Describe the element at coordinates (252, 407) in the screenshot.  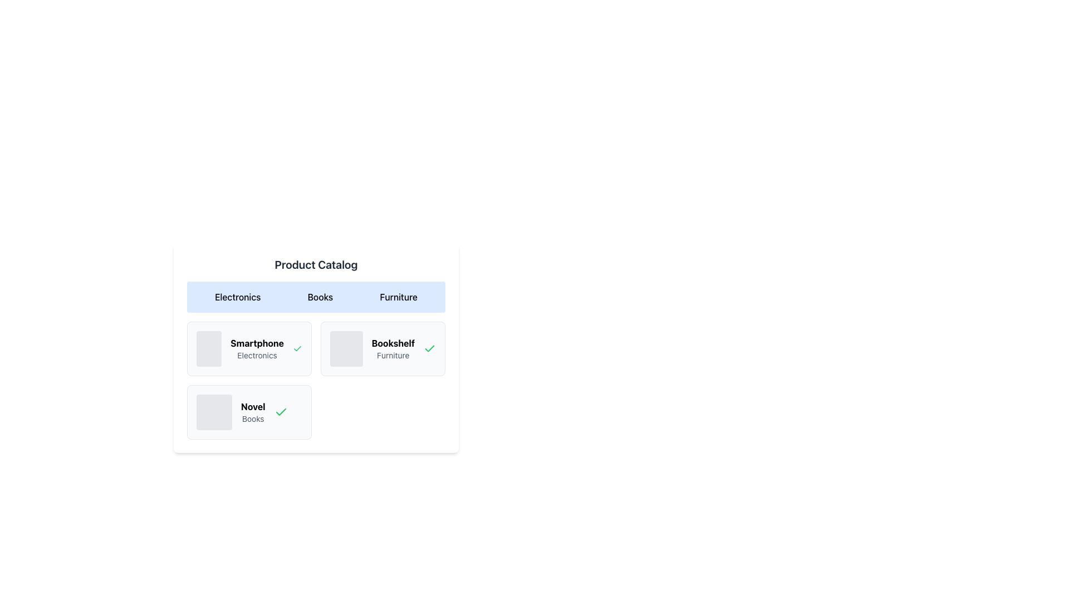
I see `the text label displaying 'Novel' in the second card of the 'Books' tab, which indicates the category of the product item` at that location.